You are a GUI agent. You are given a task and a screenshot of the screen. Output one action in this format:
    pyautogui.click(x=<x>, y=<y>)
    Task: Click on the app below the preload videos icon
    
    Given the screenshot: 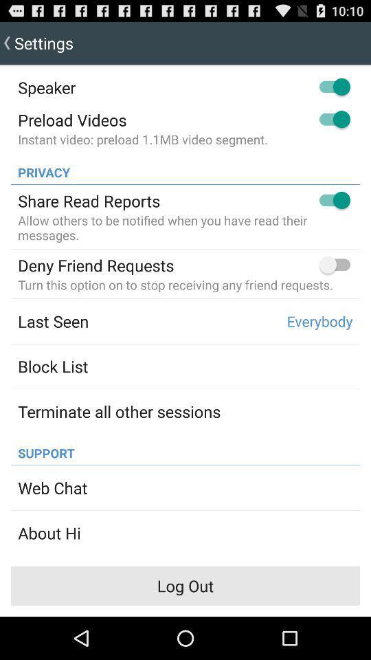 What is the action you would take?
    pyautogui.click(x=142, y=139)
    